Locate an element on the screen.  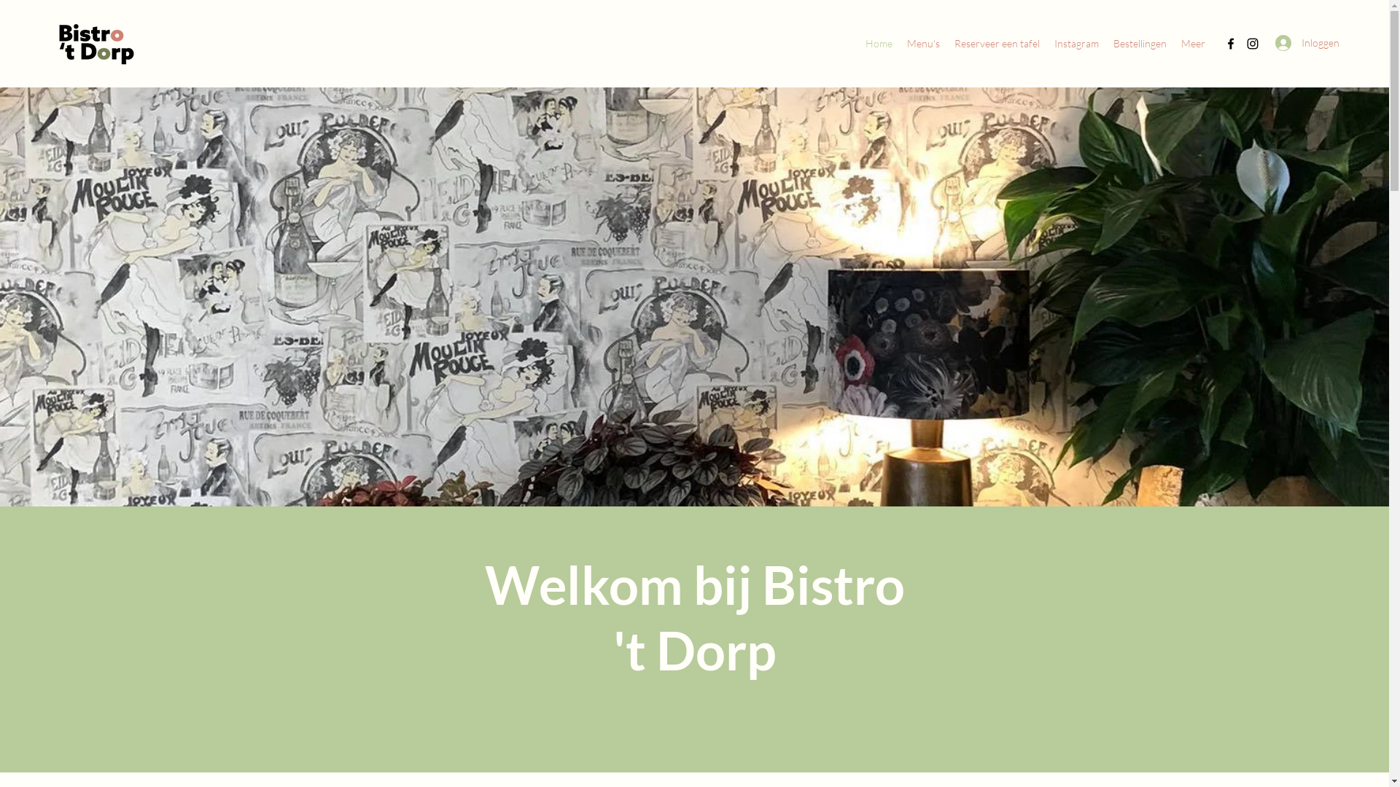
'Instagram' is located at coordinates (1076, 43).